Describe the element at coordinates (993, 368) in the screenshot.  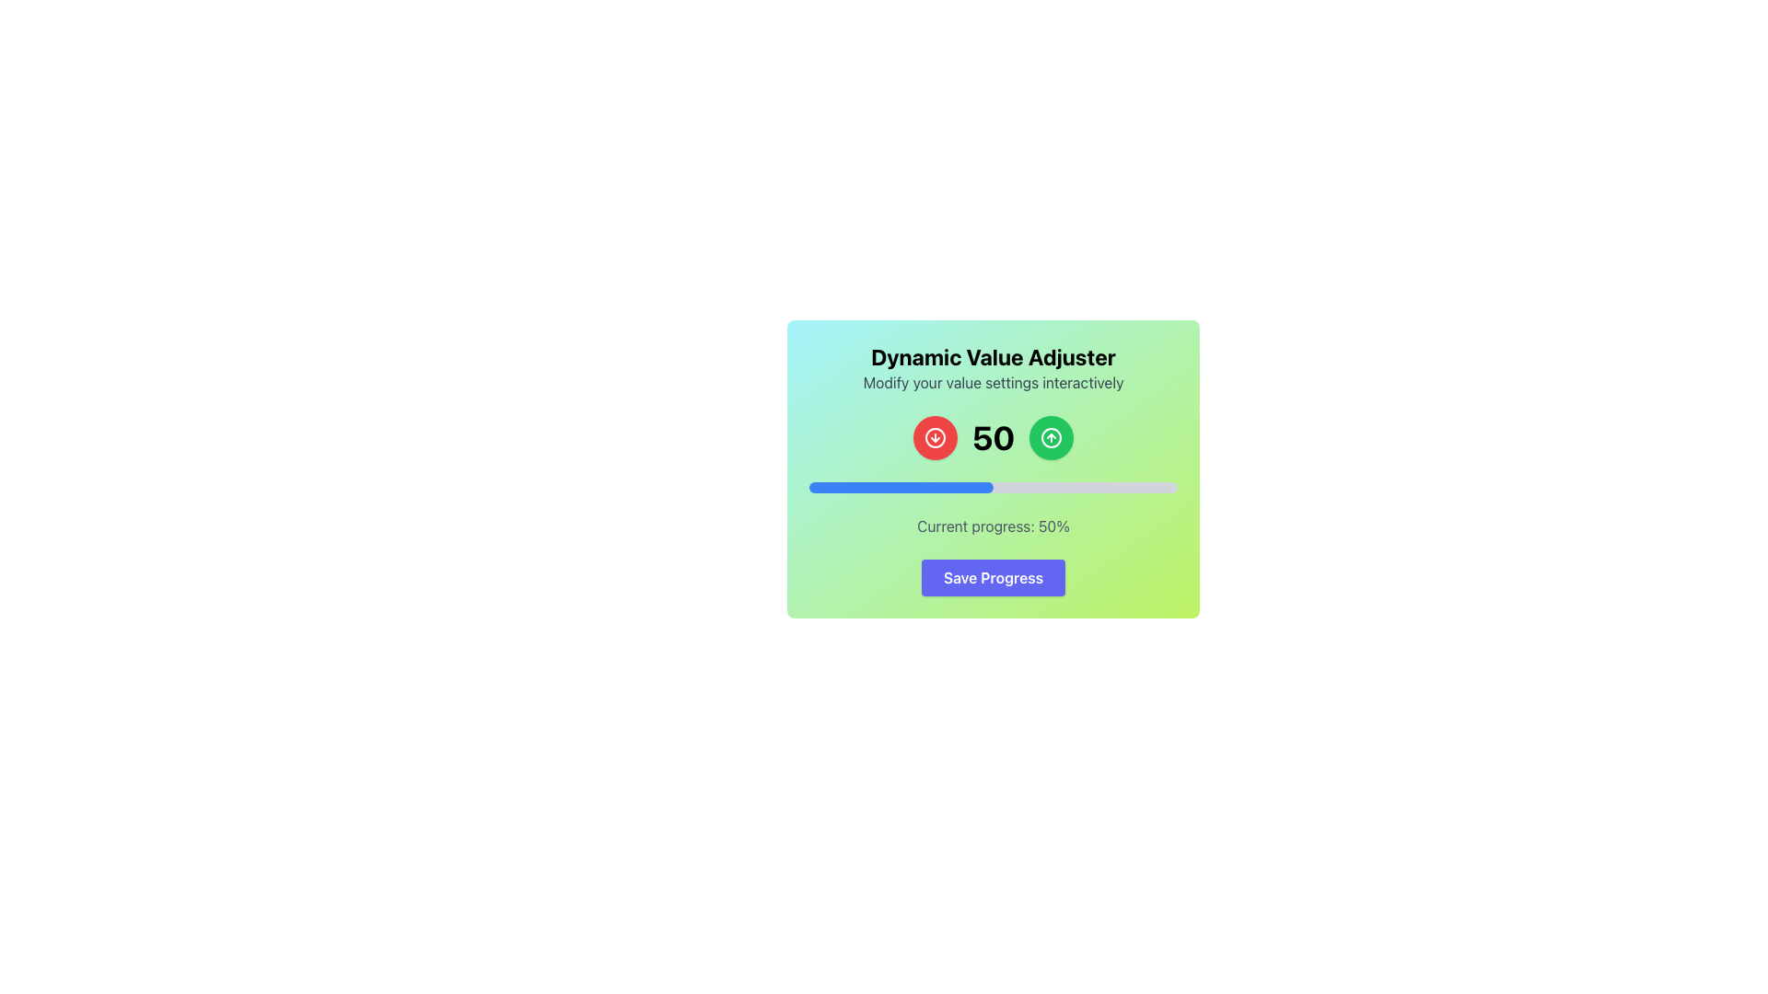
I see `text displayed in the Text Display Component which shows 'Dynamic Value Adjuster' and 'Modify your value settings interactively'` at that location.